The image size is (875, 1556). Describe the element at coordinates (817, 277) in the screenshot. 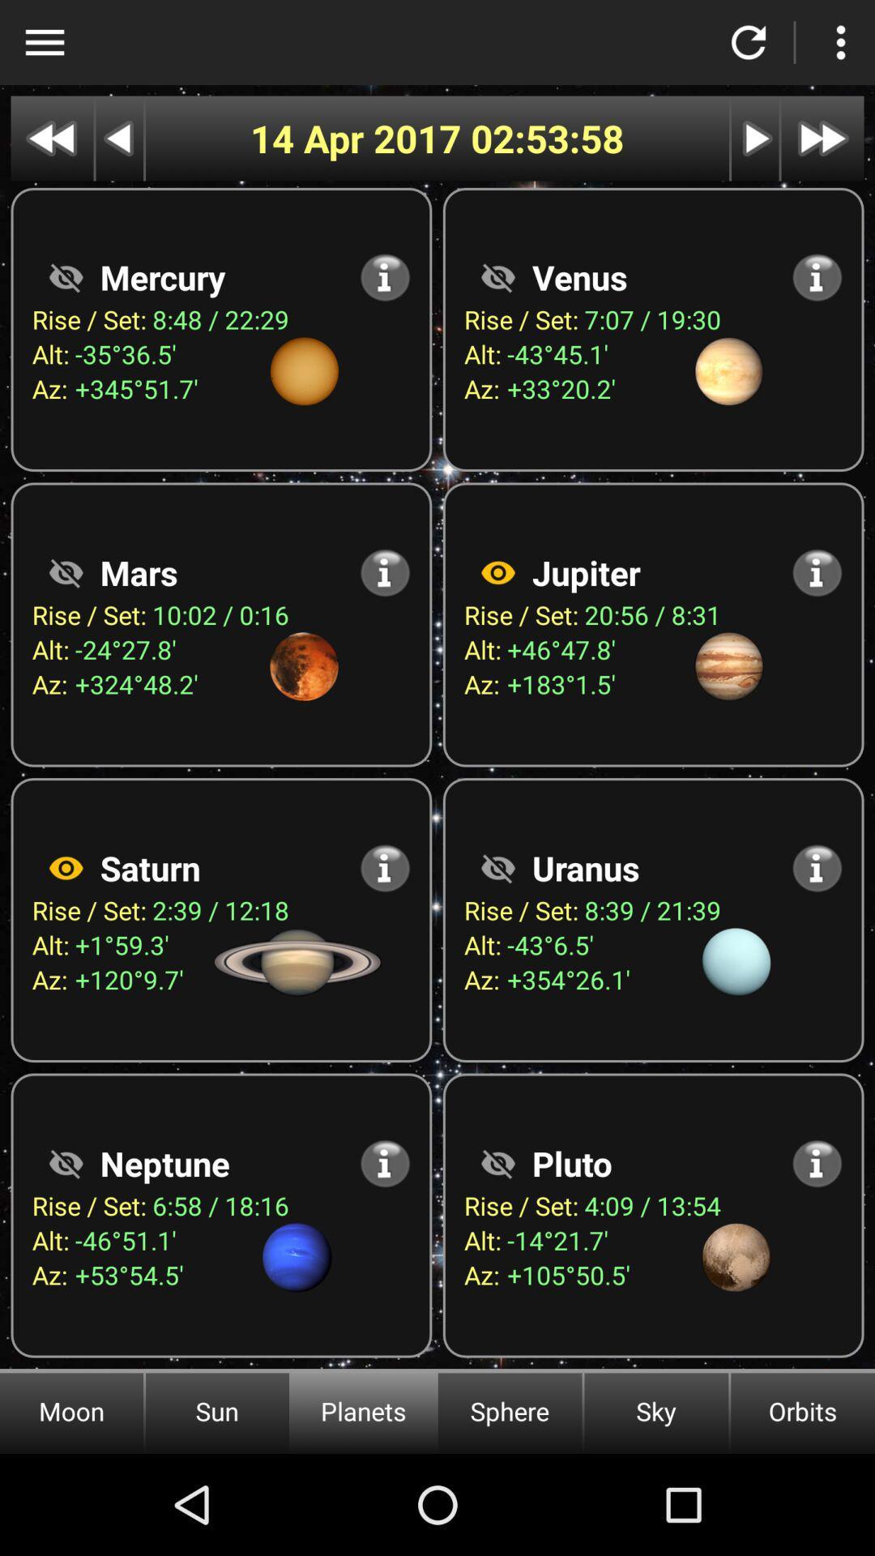

I see `additional information about venus` at that location.